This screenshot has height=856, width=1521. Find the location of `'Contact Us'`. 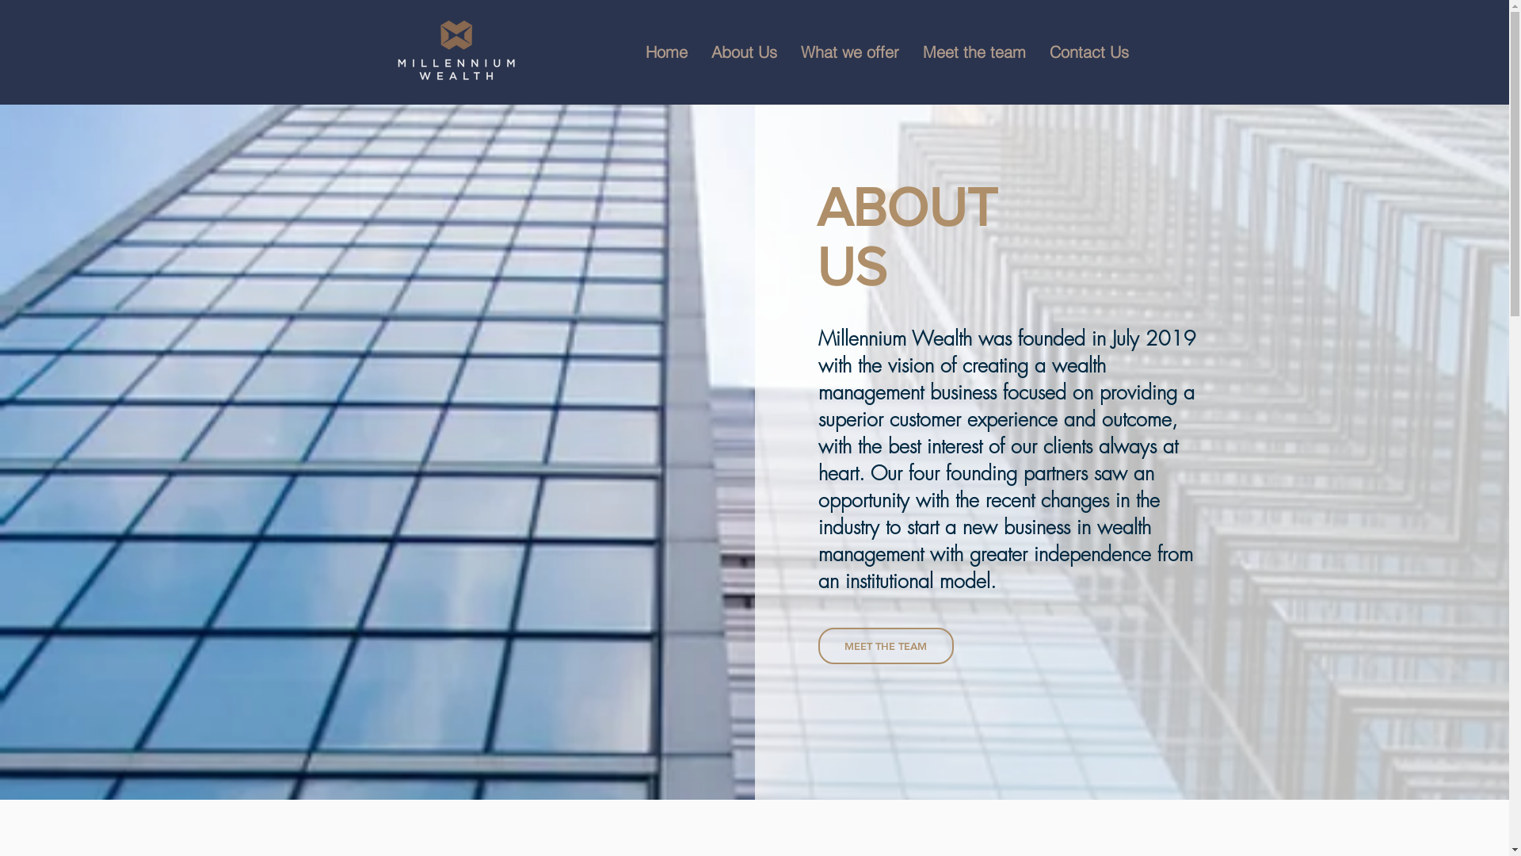

'Contact Us' is located at coordinates (1088, 51).